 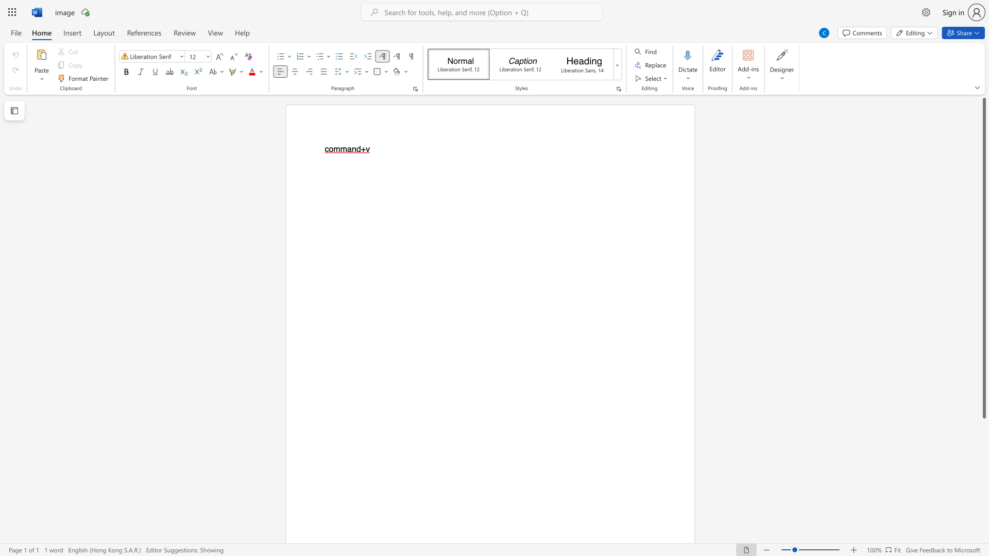 What do you see at coordinates (983, 525) in the screenshot?
I see `the scrollbar to move the view down` at bounding box center [983, 525].